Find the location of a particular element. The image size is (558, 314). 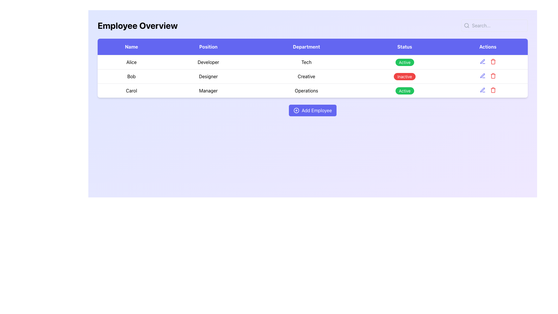

the red trash bin icon located in the 'Actions' column of the table, which is the rightmost icon in the last row is located at coordinates (493, 90).